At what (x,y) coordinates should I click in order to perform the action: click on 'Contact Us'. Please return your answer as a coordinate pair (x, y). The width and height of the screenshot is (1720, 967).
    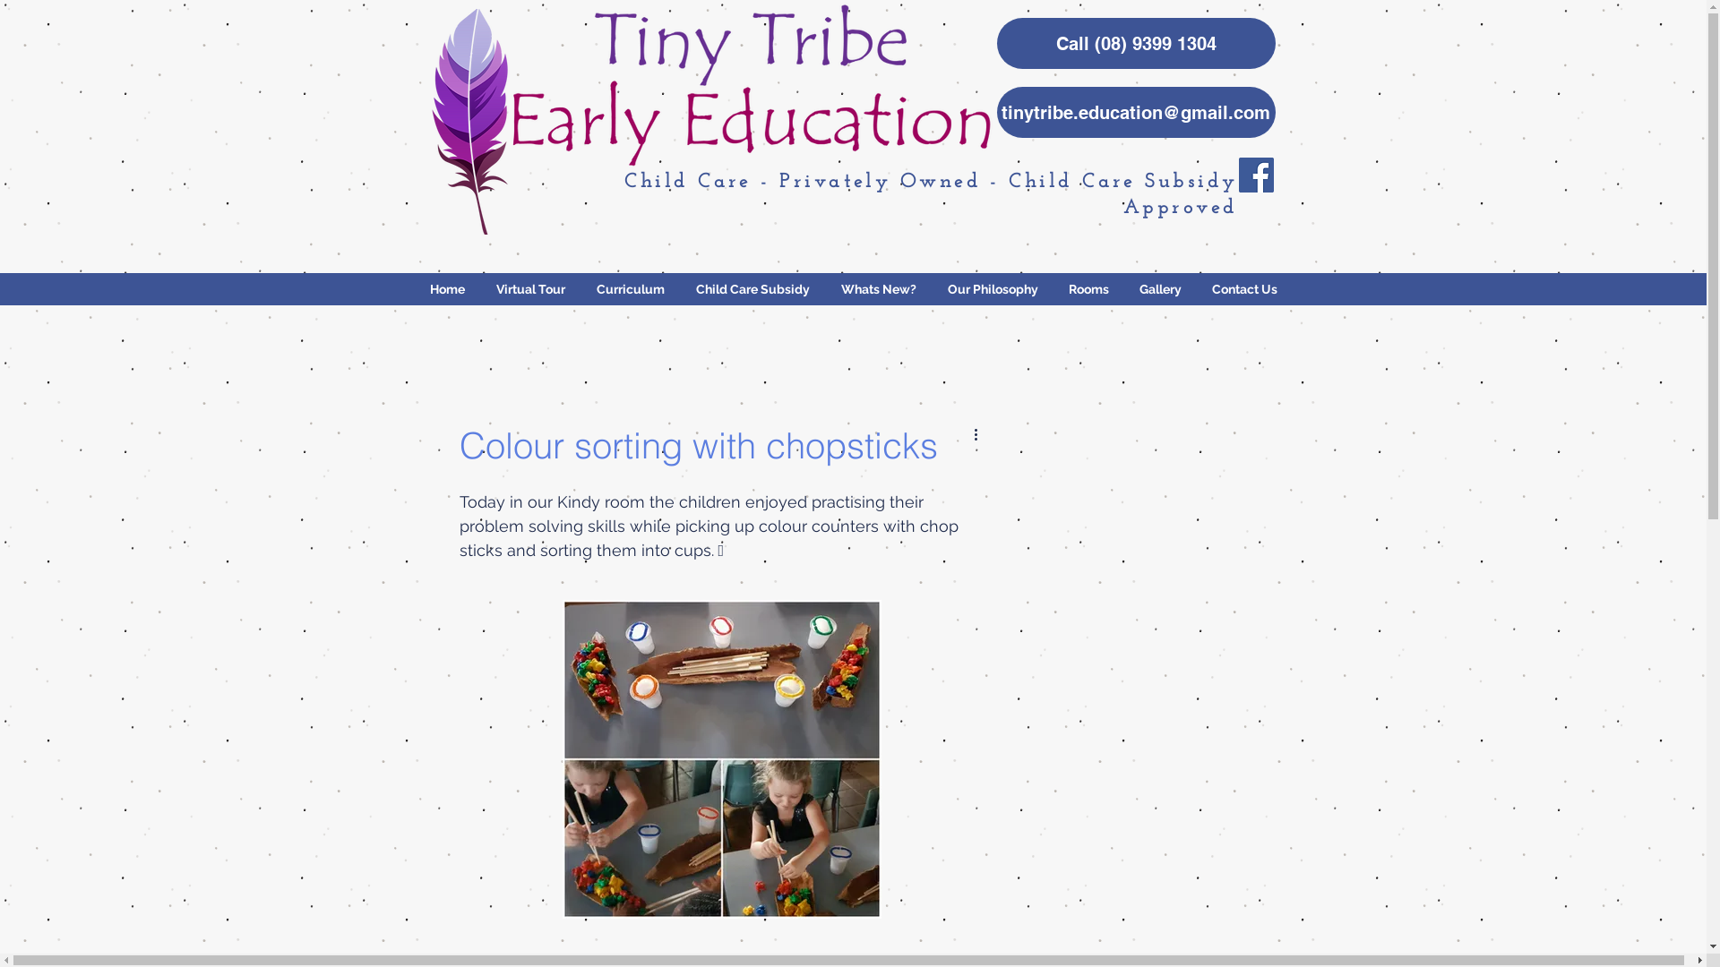
    Looking at the image, I should click on (1243, 288).